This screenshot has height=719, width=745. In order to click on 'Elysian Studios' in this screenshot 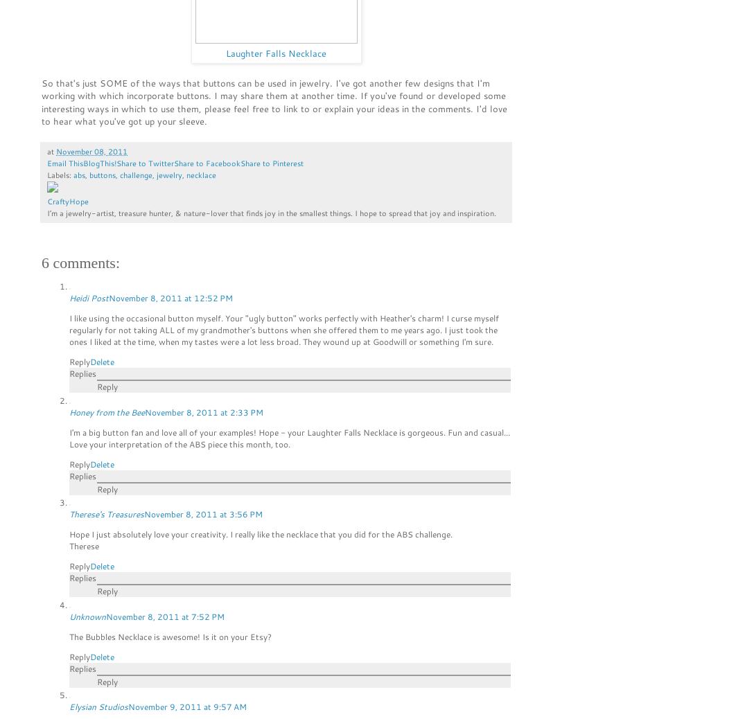, I will do `click(98, 706)`.